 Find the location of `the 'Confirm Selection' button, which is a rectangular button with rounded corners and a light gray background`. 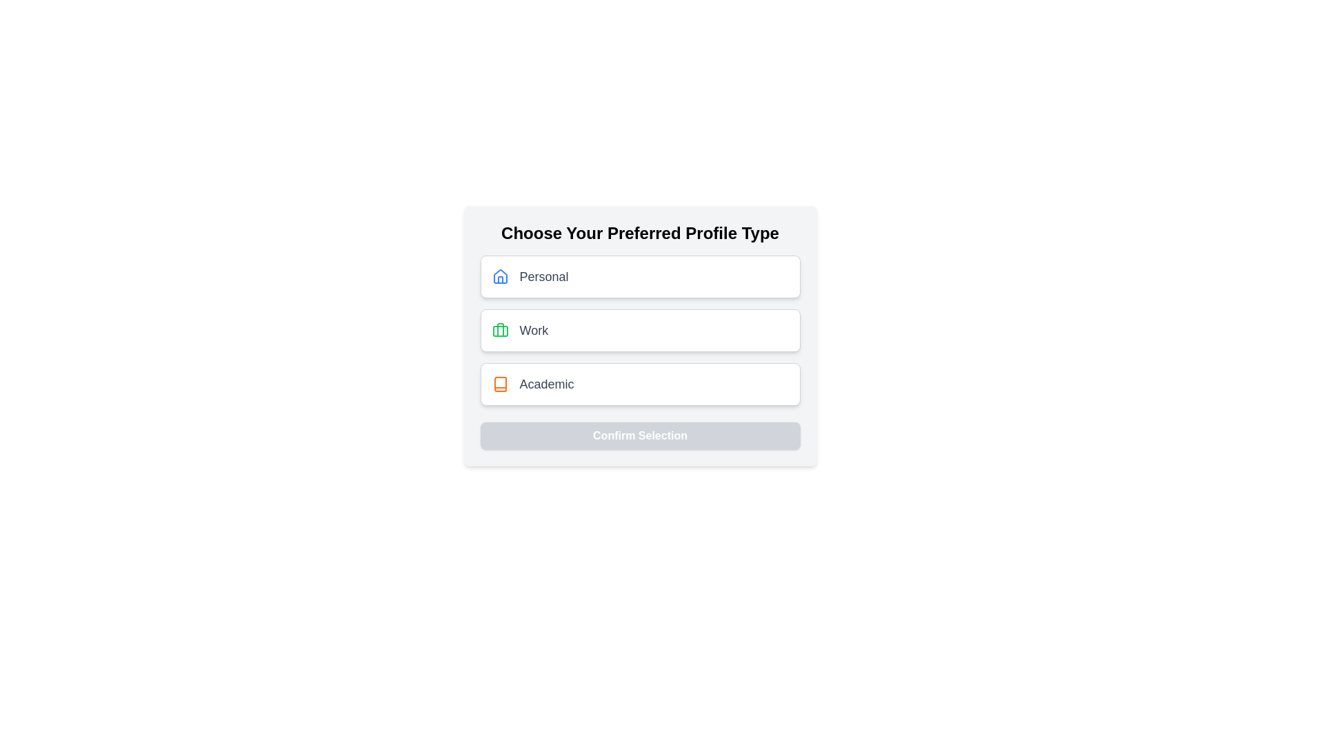

the 'Confirm Selection' button, which is a rectangular button with rounded corners and a light gray background is located at coordinates (639, 435).